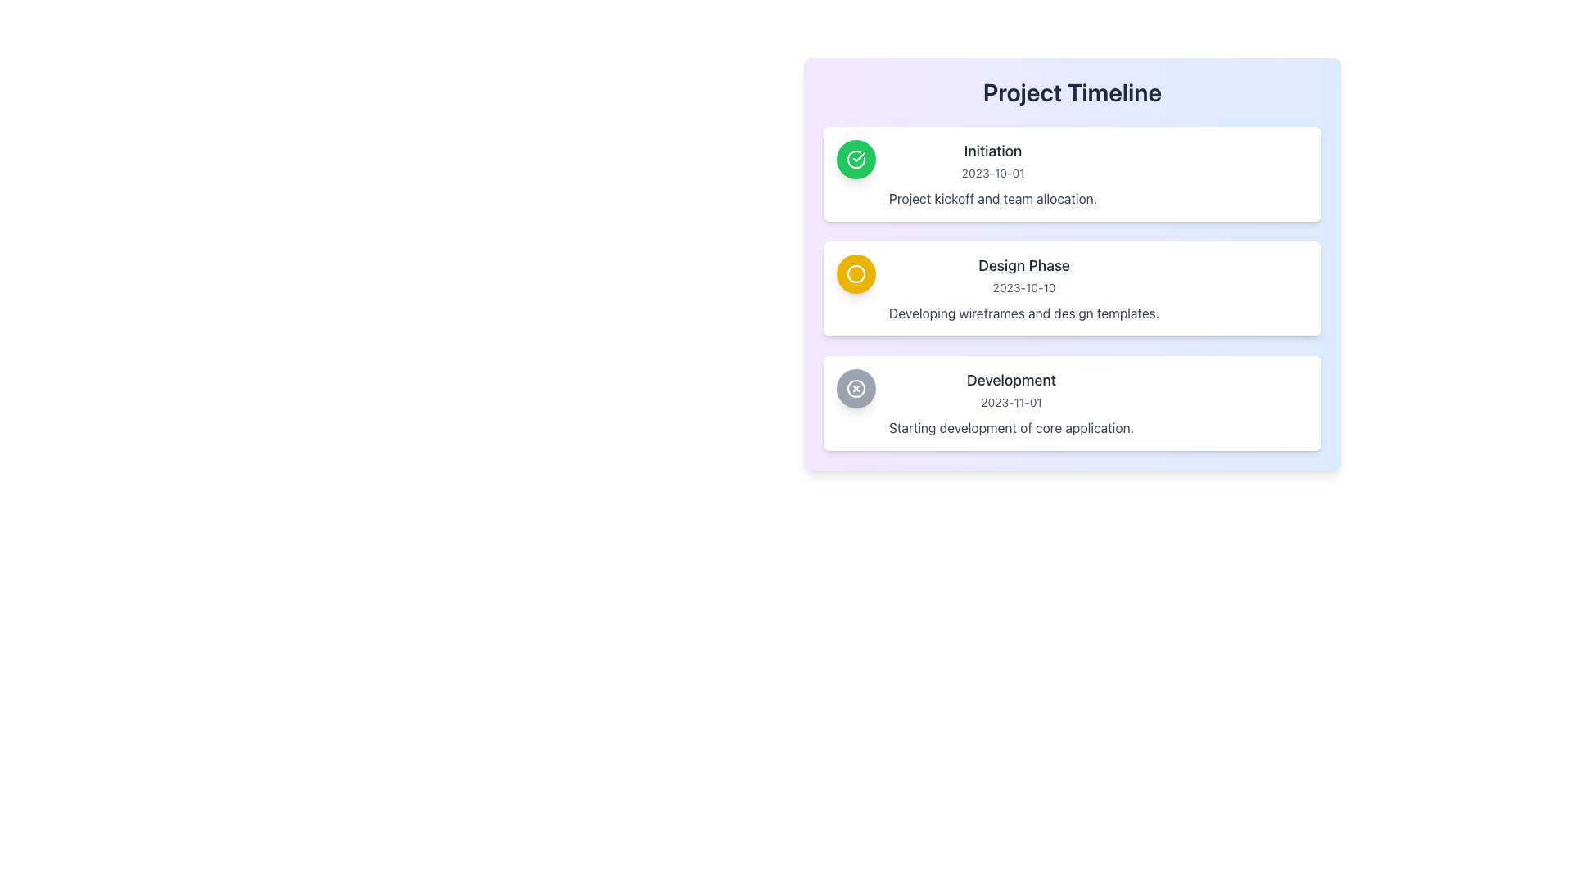  What do you see at coordinates (992, 173) in the screenshot?
I see `the static text element displaying the date '2023-10-01', which is located beneath the title 'Initiation' in the card-like section of the vertical timeline interface` at bounding box center [992, 173].